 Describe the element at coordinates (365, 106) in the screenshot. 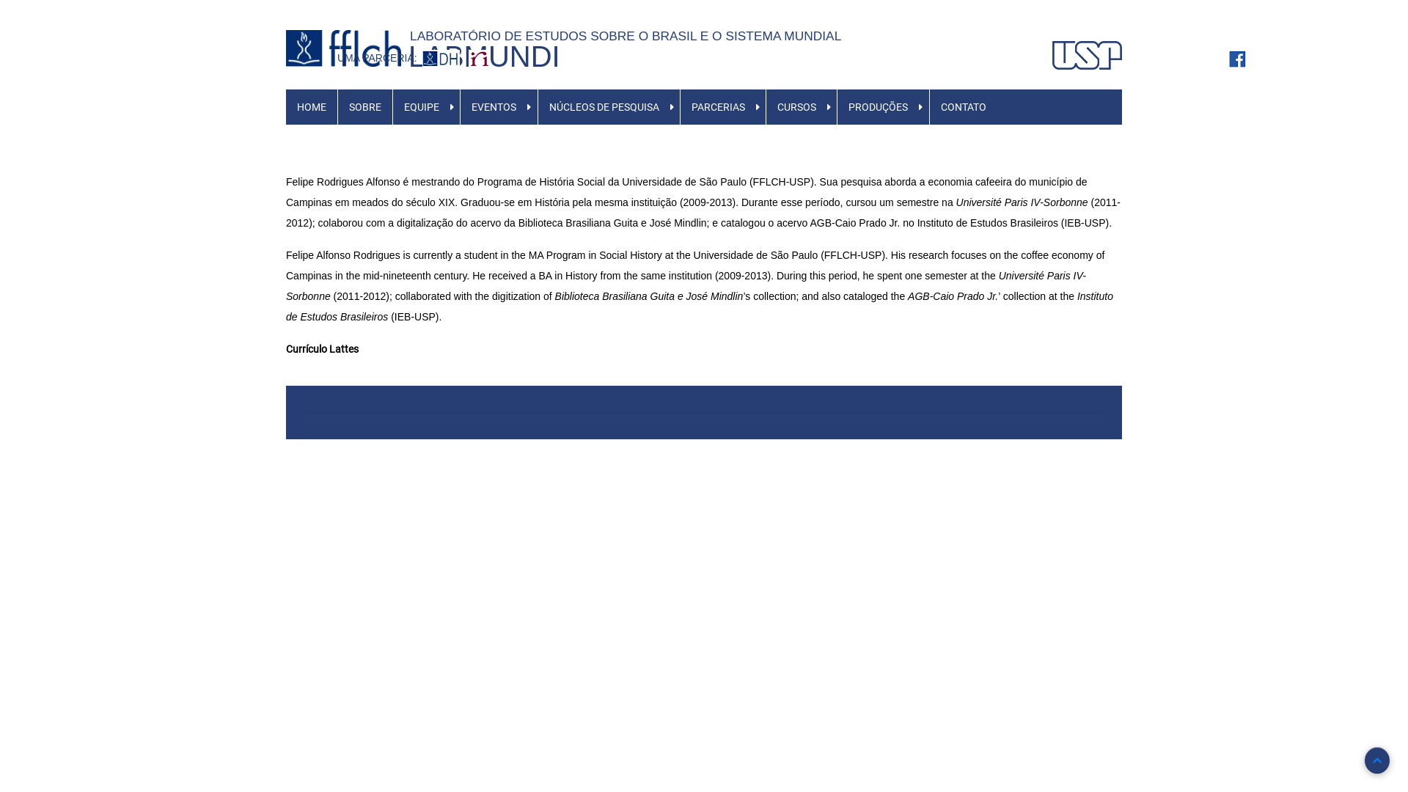

I see `'SOBRE'` at that location.